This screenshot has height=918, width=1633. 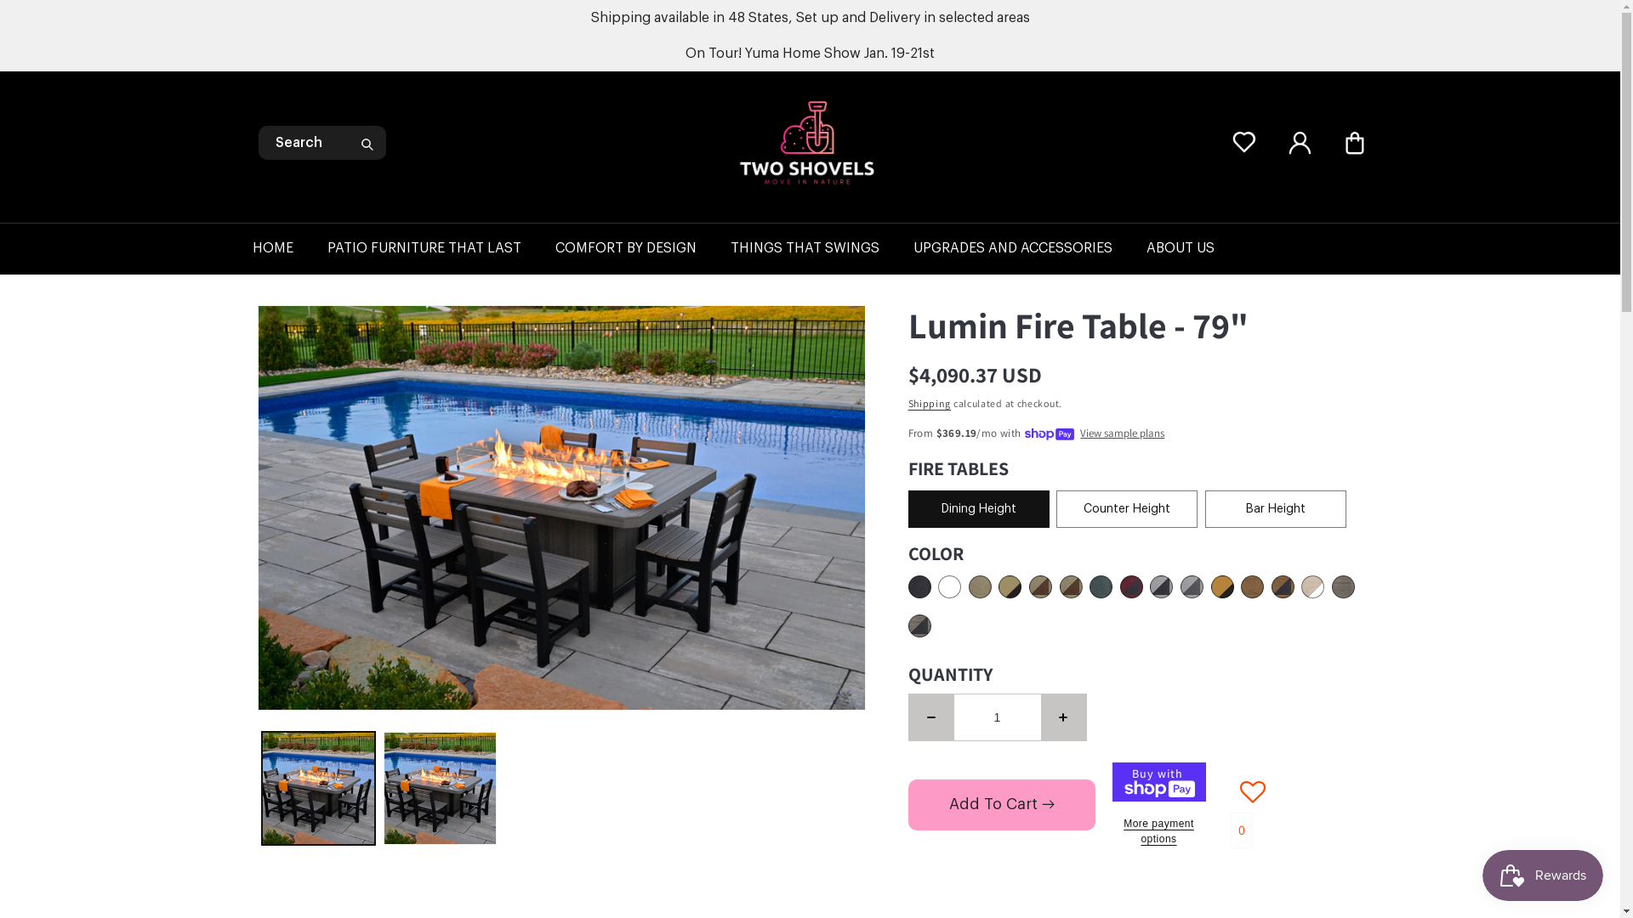 I want to click on 'Decrease quantity for Lumin Fire Table - 79&quot;', so click(x=930, y=717).